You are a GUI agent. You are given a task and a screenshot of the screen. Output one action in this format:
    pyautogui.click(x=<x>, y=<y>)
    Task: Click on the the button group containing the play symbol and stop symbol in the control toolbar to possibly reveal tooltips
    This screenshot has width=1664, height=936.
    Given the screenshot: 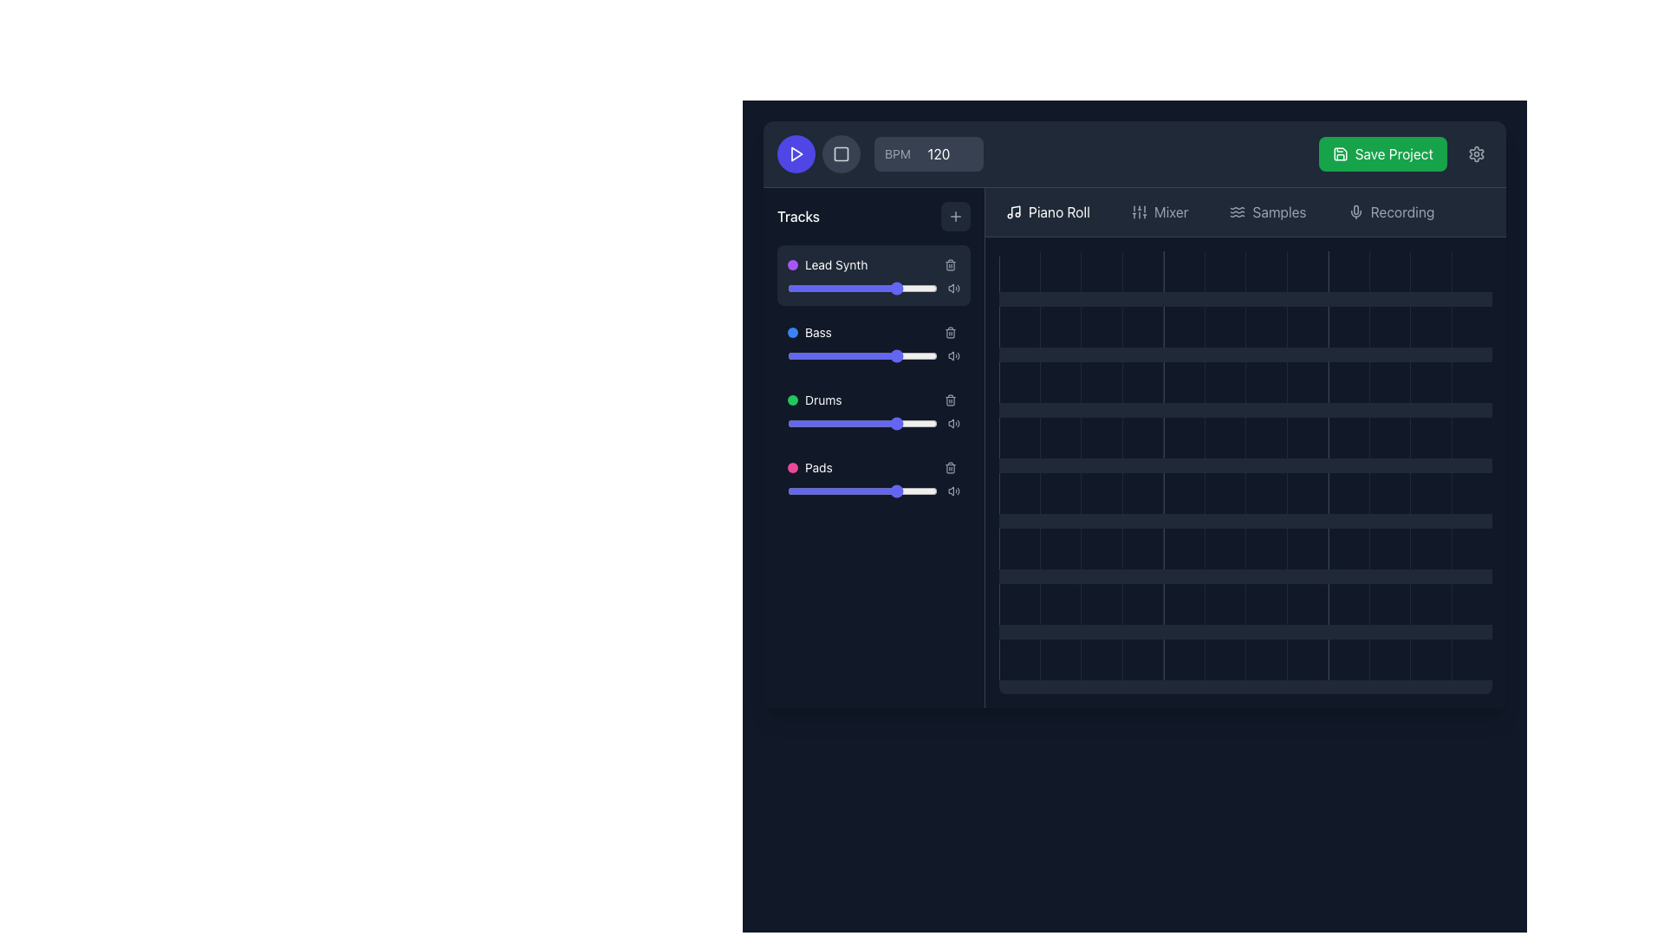 What is the action you would take?
    pyautogui.click(x=818, y=153)
    